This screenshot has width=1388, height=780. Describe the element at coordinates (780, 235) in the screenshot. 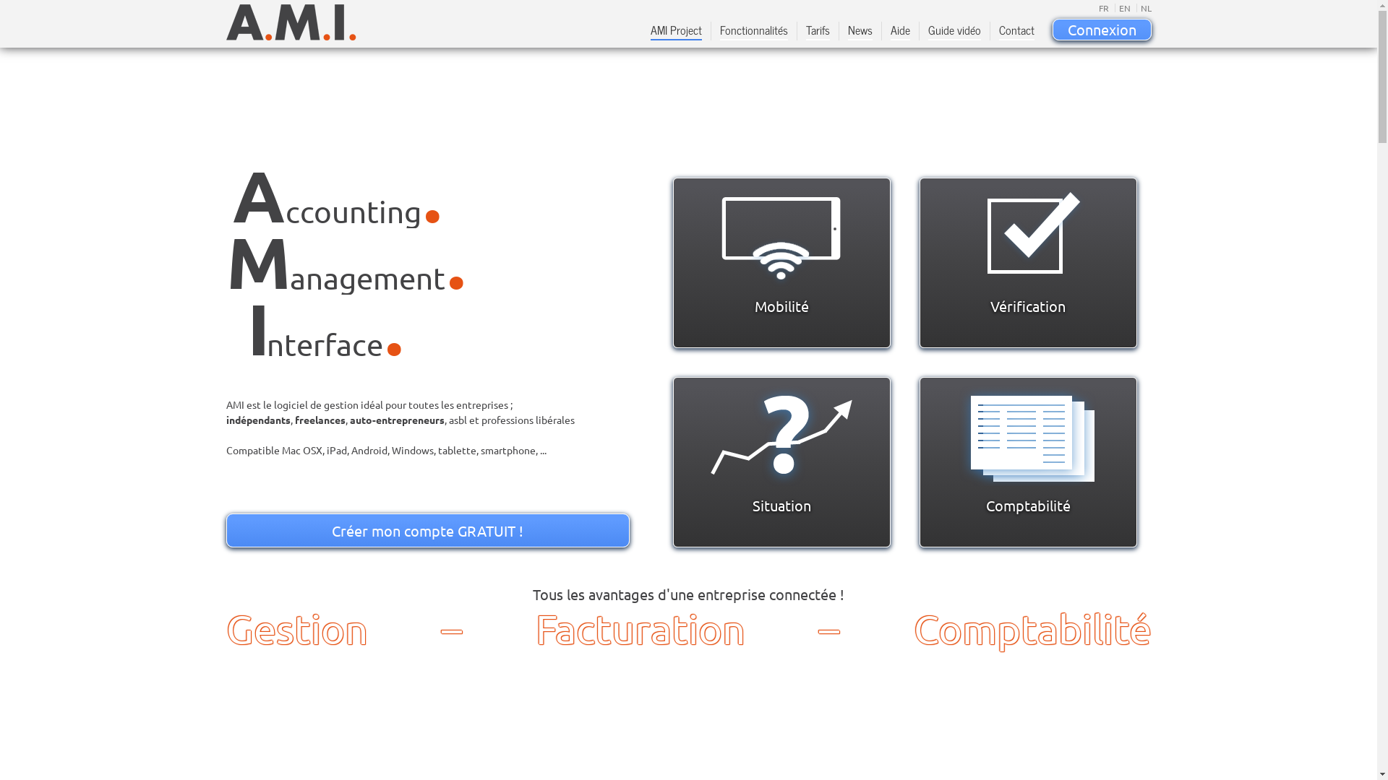

I see `'Vos documents vous suivent partout'` at that location.